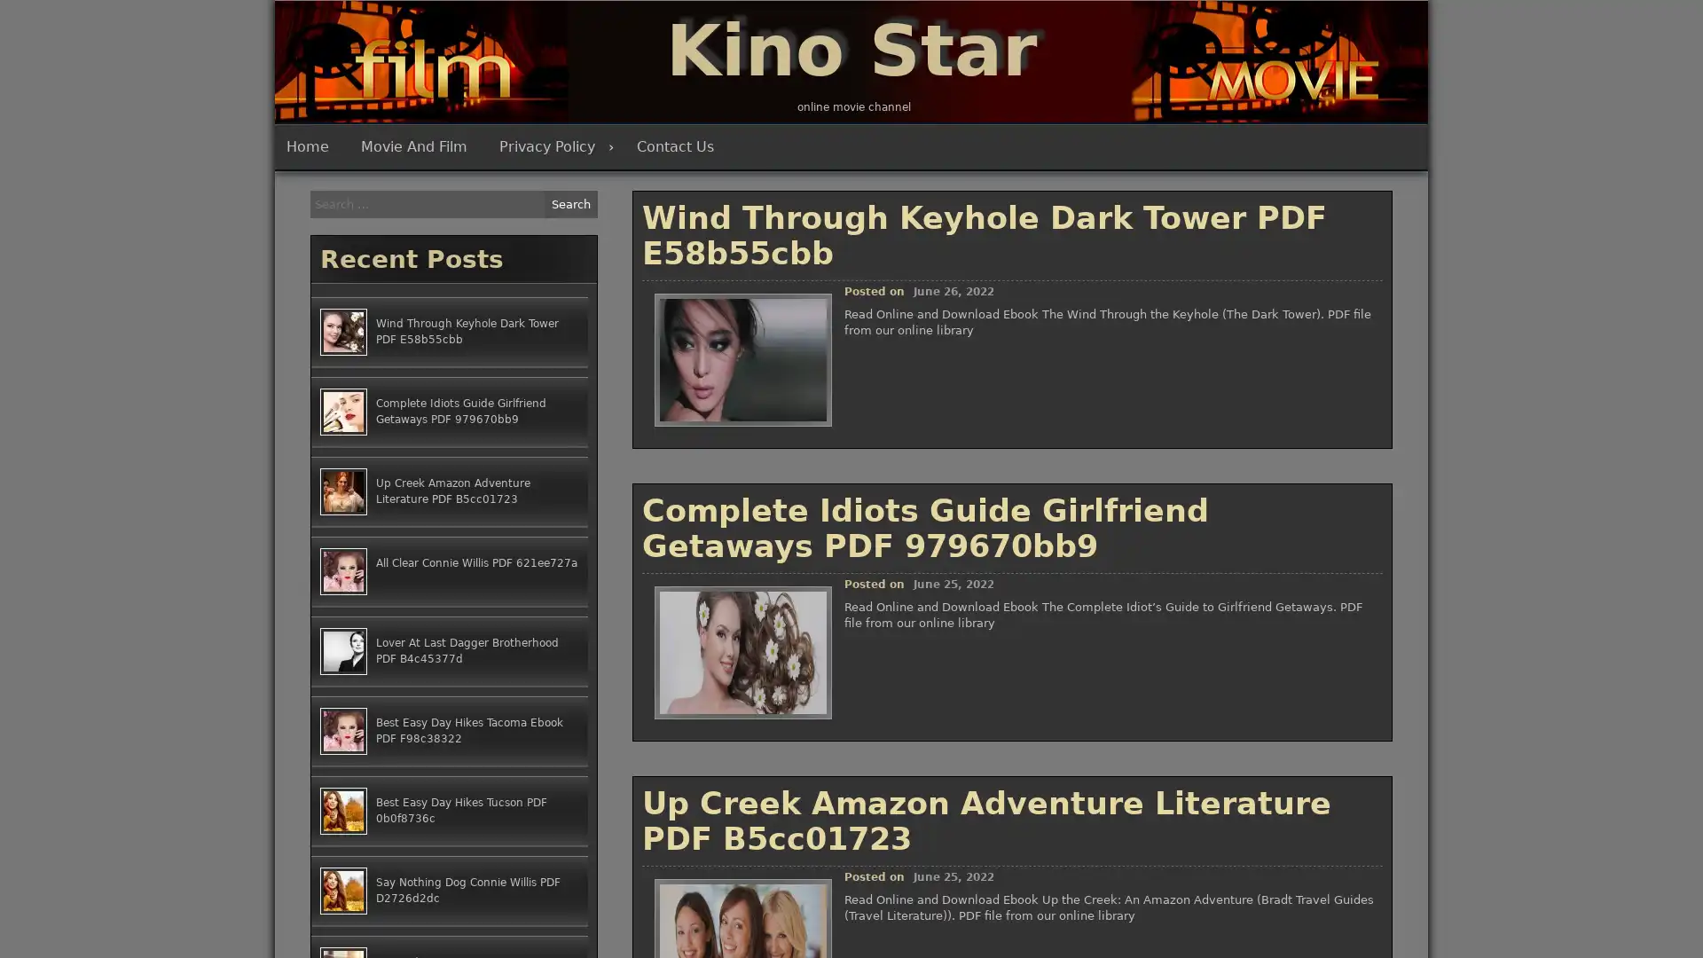 The width and height of the screenshot is (1703, 958). Describe the element at coordinates (570, 203) in the screenshot. I see `Search` at that location.